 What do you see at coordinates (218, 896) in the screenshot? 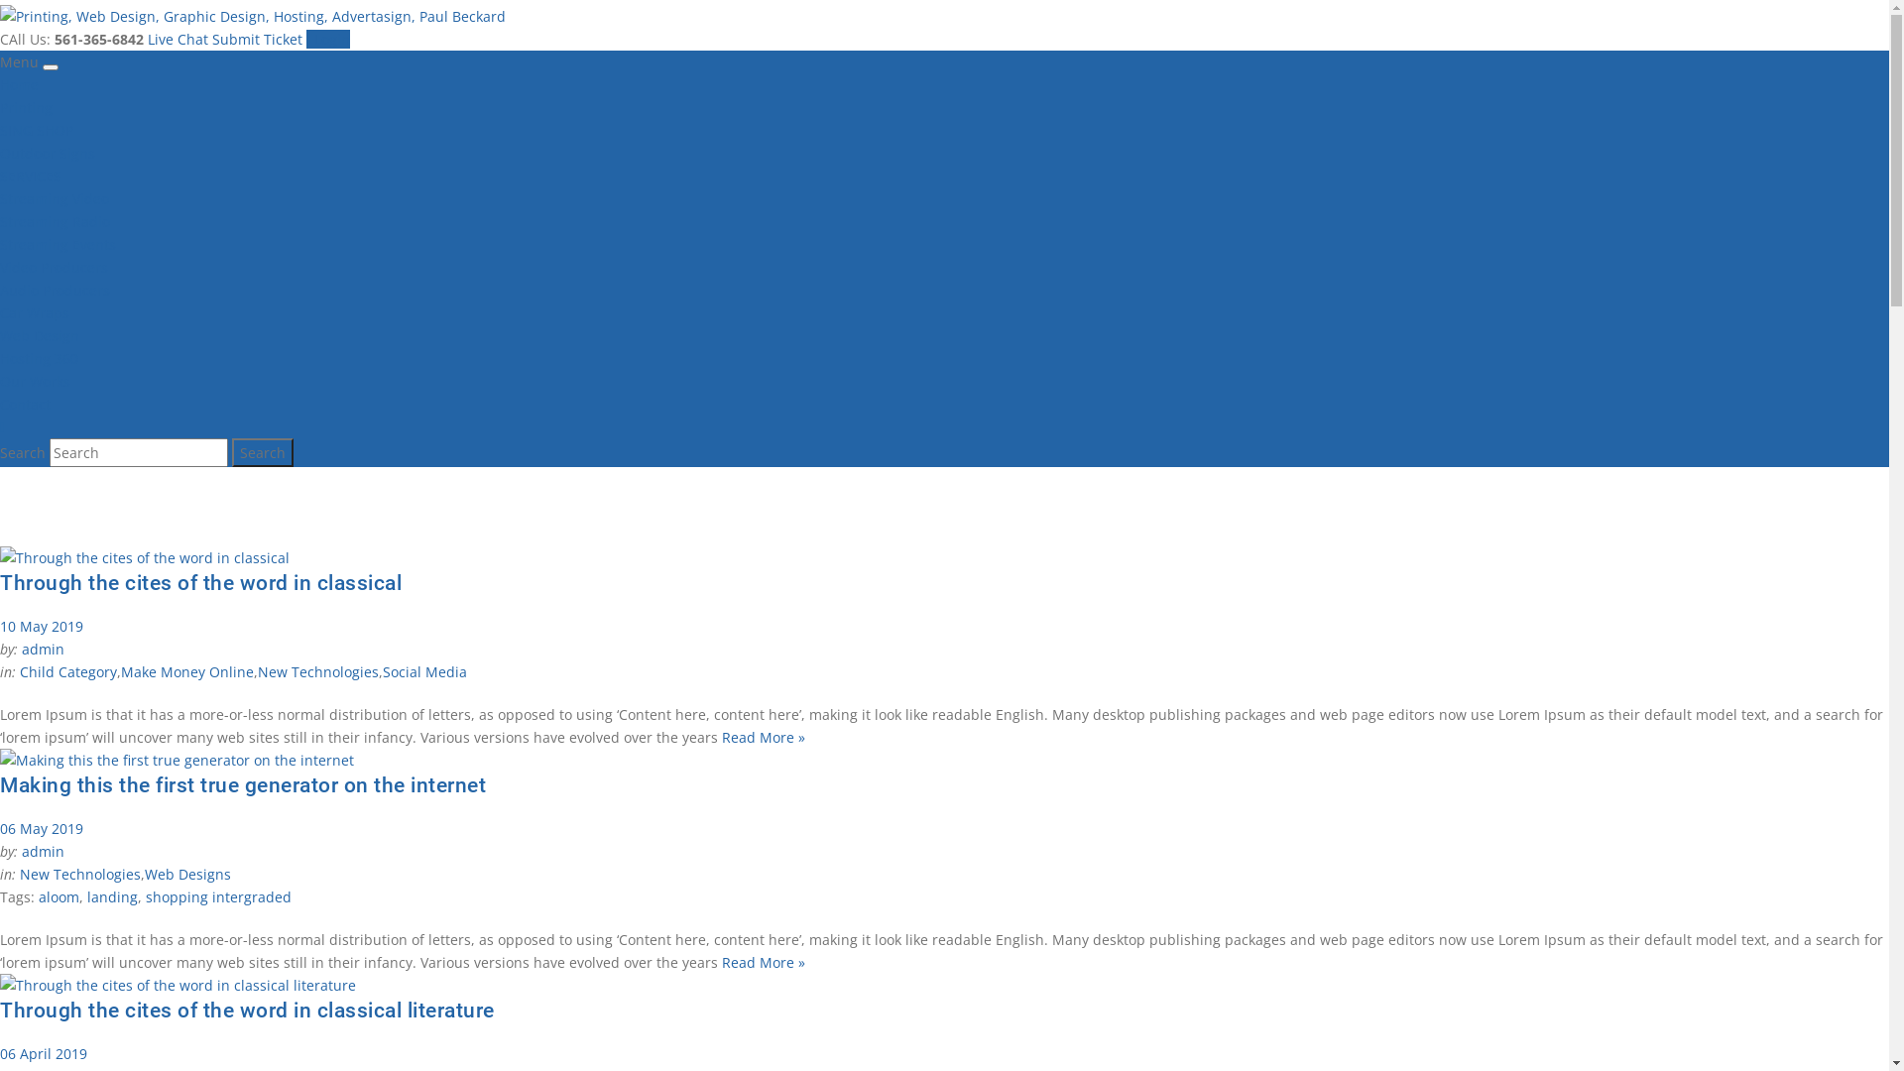
I see `'shopping intergraded'` at bounding box center [218, 896].